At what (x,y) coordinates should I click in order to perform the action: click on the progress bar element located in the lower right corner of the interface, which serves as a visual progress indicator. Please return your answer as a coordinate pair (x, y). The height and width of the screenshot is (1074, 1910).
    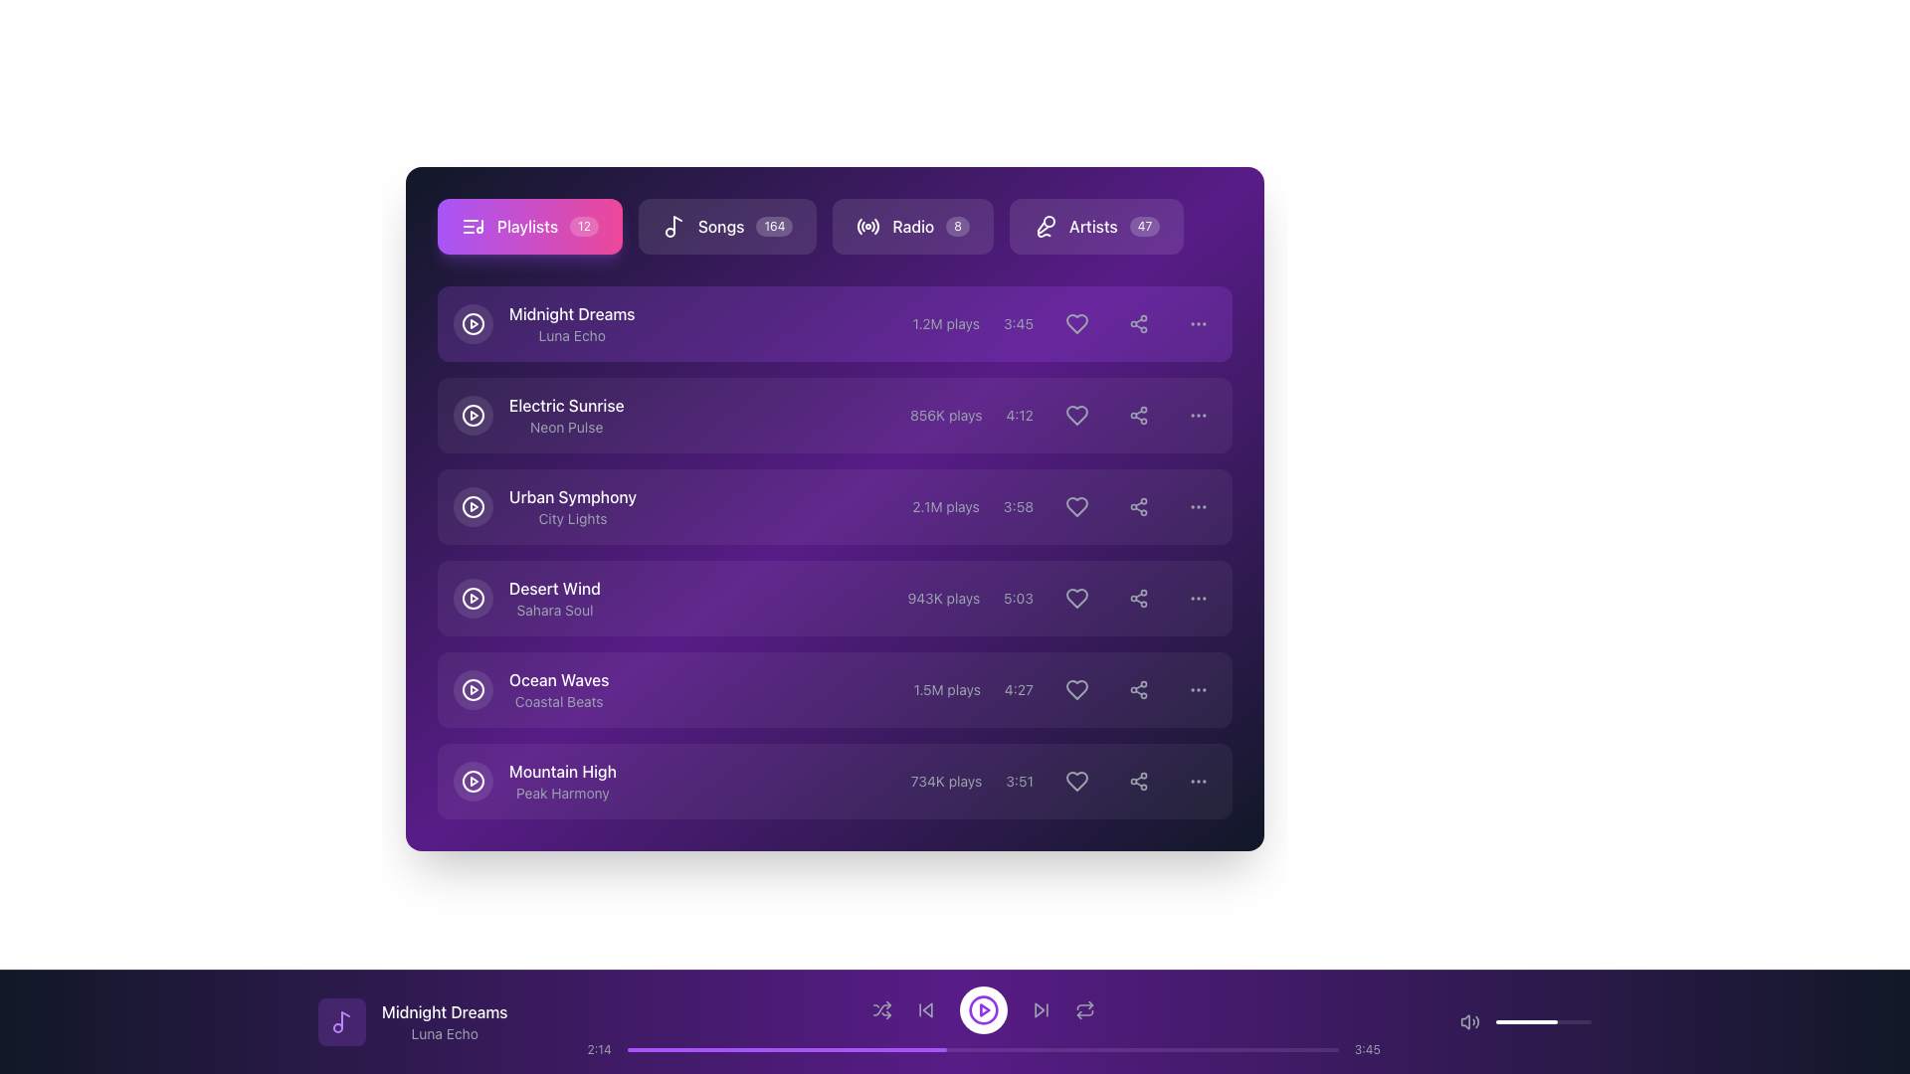
    Looking at the image, I should click on (1526, 1022).